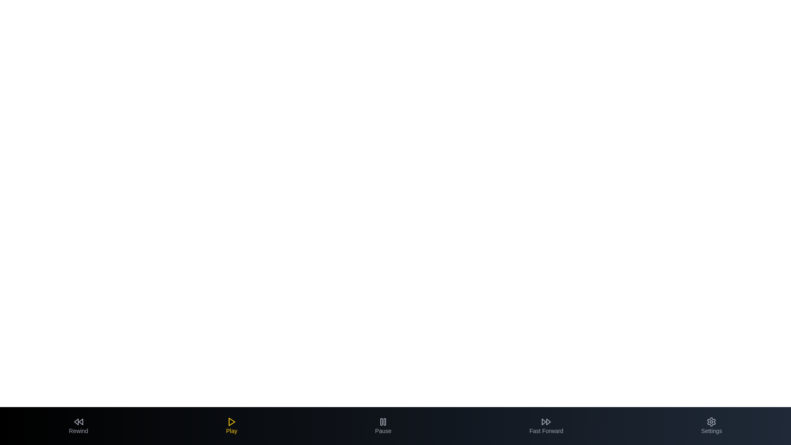  Describe the element at coordinates (231, 426) in the screenshot. I see `the Play tab to select it` at that location.